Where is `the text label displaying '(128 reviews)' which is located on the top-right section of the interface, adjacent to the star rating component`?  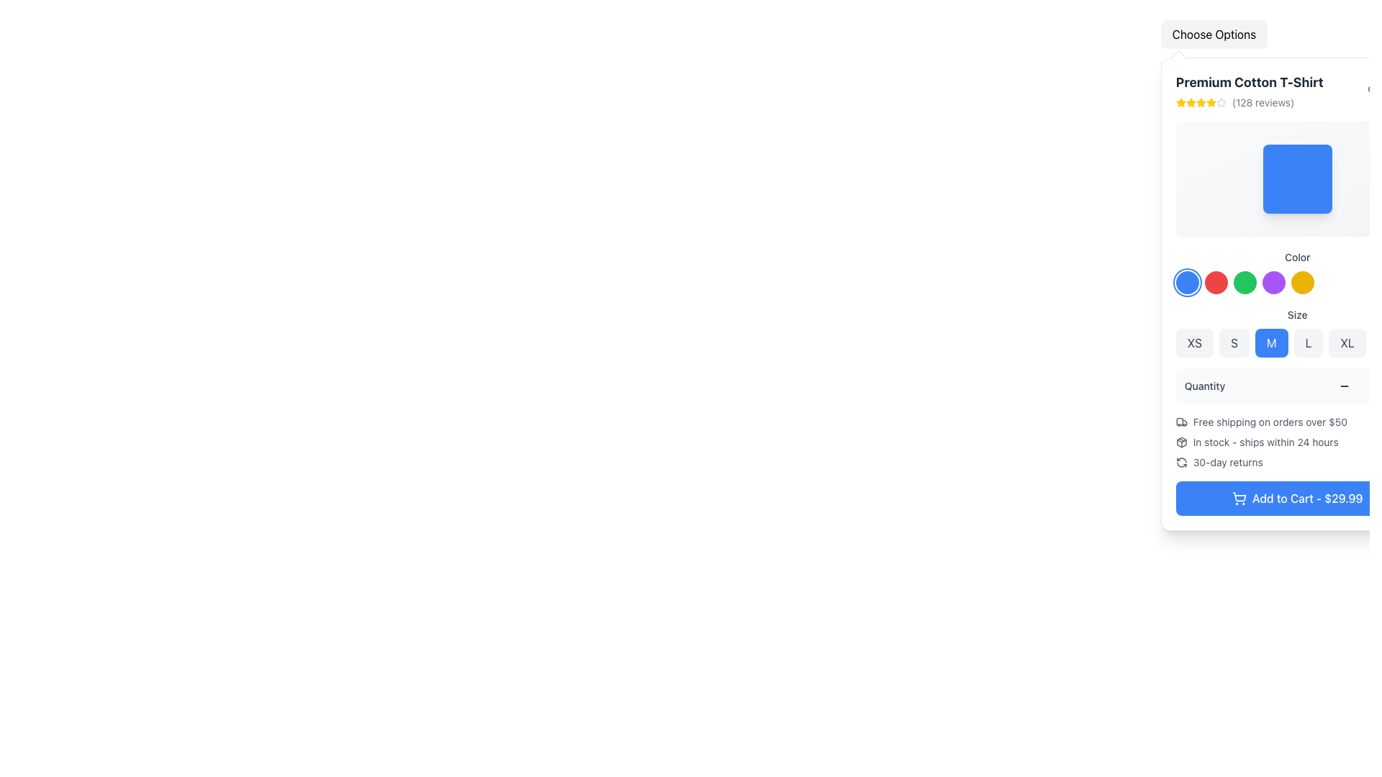 the text label displaying '(128 reviews)' which is located on the top-right section of the interface, adjacent to the star rating component is located at coordinates (1263, 101).